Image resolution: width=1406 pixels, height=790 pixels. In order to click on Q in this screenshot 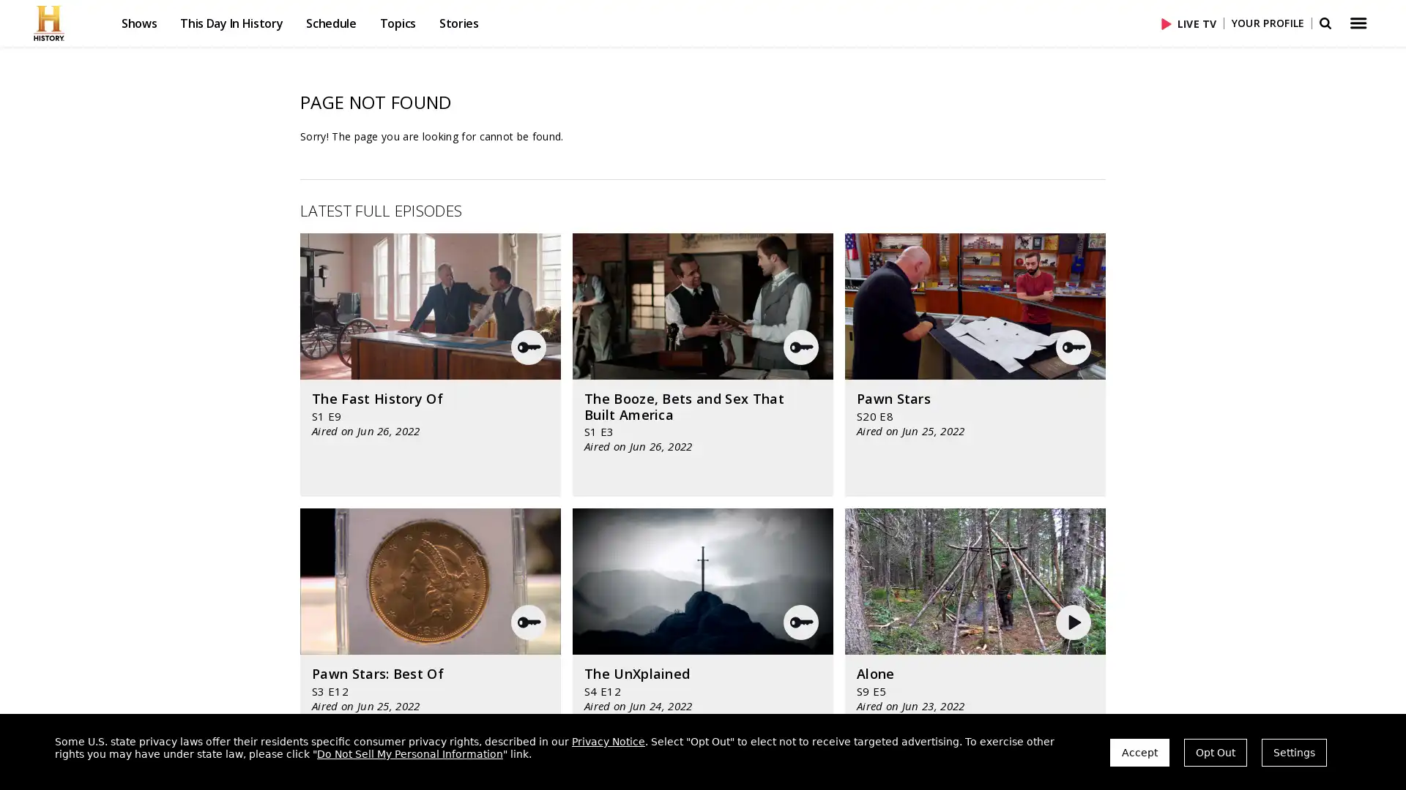, I will do `click(1073, 347)`.